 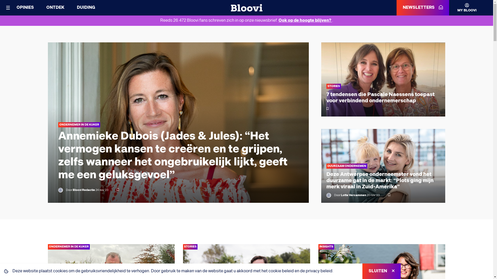 What do you see at coordinates (83, 190) in the screenshot?
I see `'Bloovi Redactie'` at bounding box center [83, 190].